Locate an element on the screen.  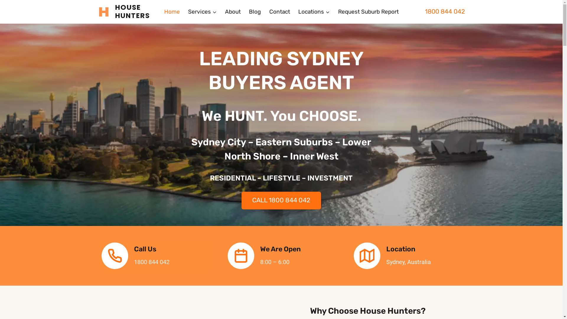
'1800 844 042' is located at coordinates (444, 11).